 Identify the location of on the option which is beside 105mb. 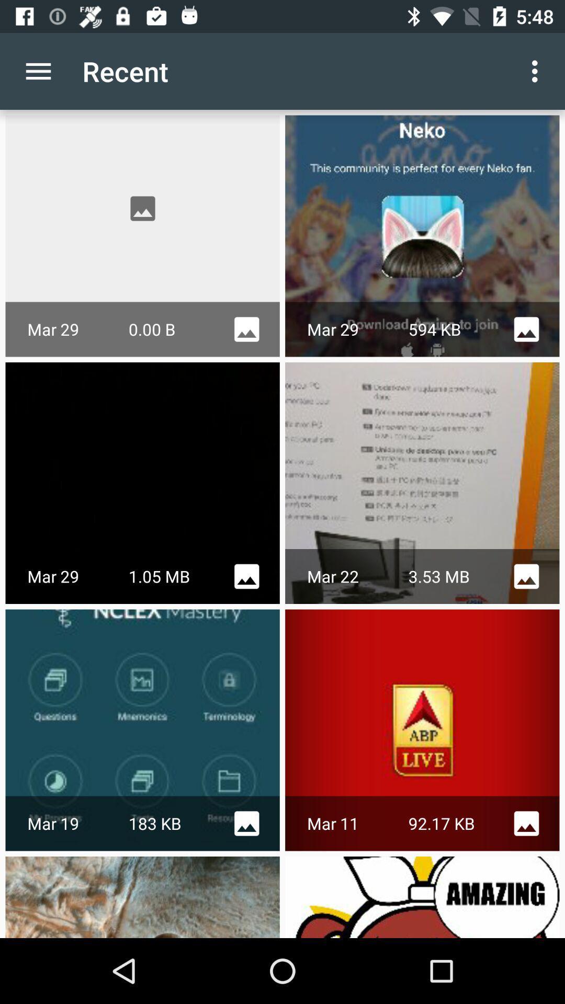
(246, 576).